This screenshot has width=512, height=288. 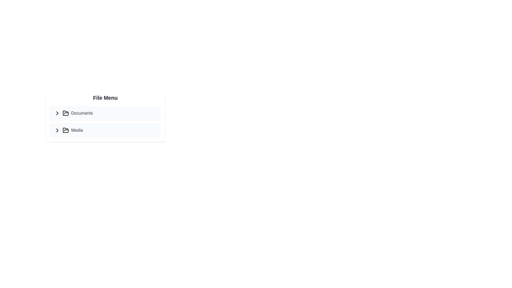 What do you see at coordinates (77, 130) in the screenshot?
I see `the non-interactive text label representing the 'Media' category, located beneath the 'Documents' item and aligned to the right of its folder icon` at bounding box center [77, 130].